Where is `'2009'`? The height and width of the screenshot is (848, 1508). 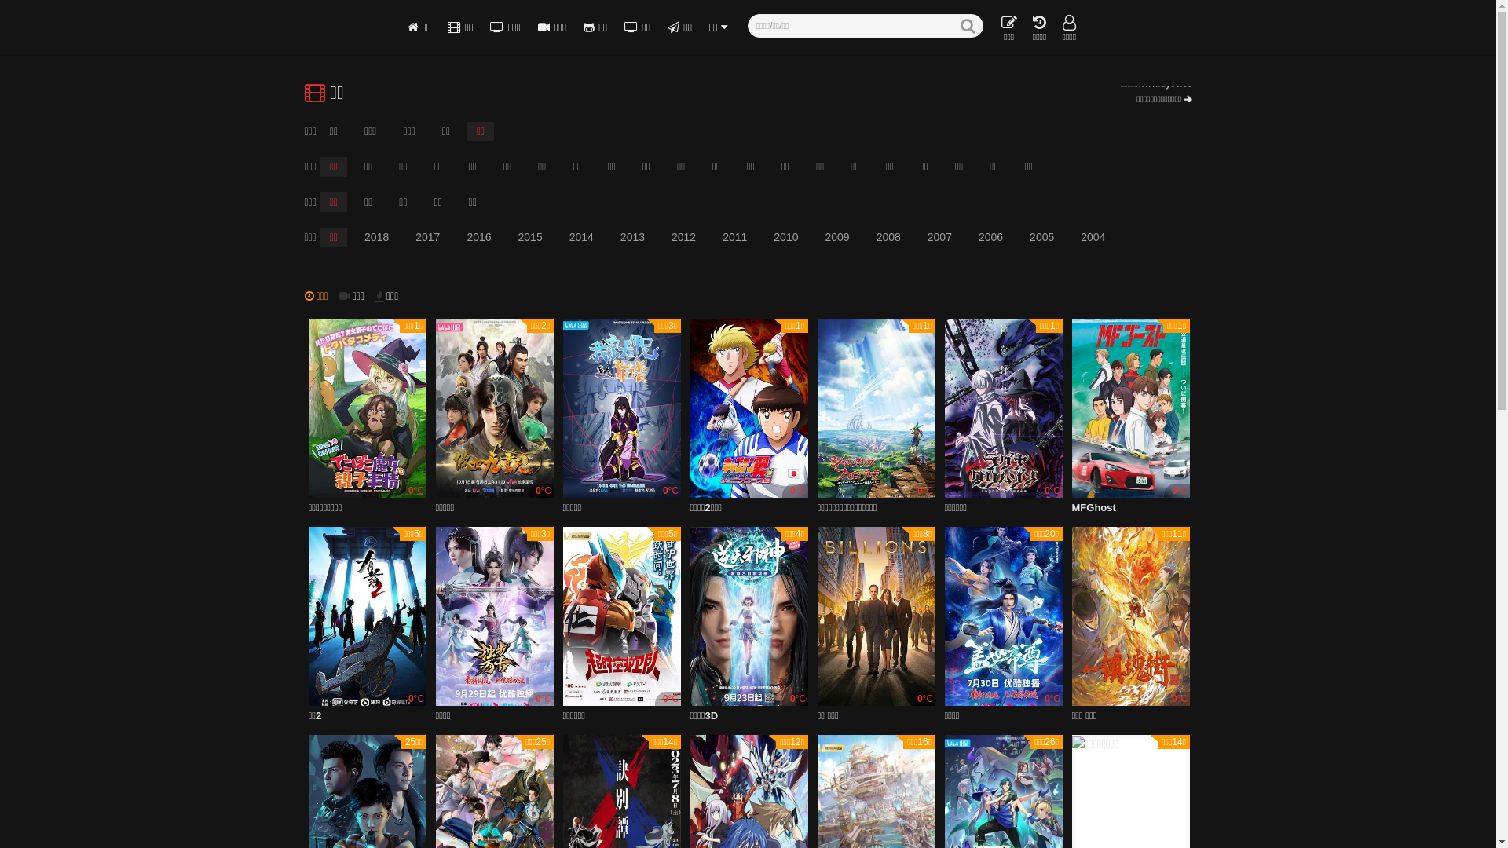 '2009' is located at coordinates (836, 237).